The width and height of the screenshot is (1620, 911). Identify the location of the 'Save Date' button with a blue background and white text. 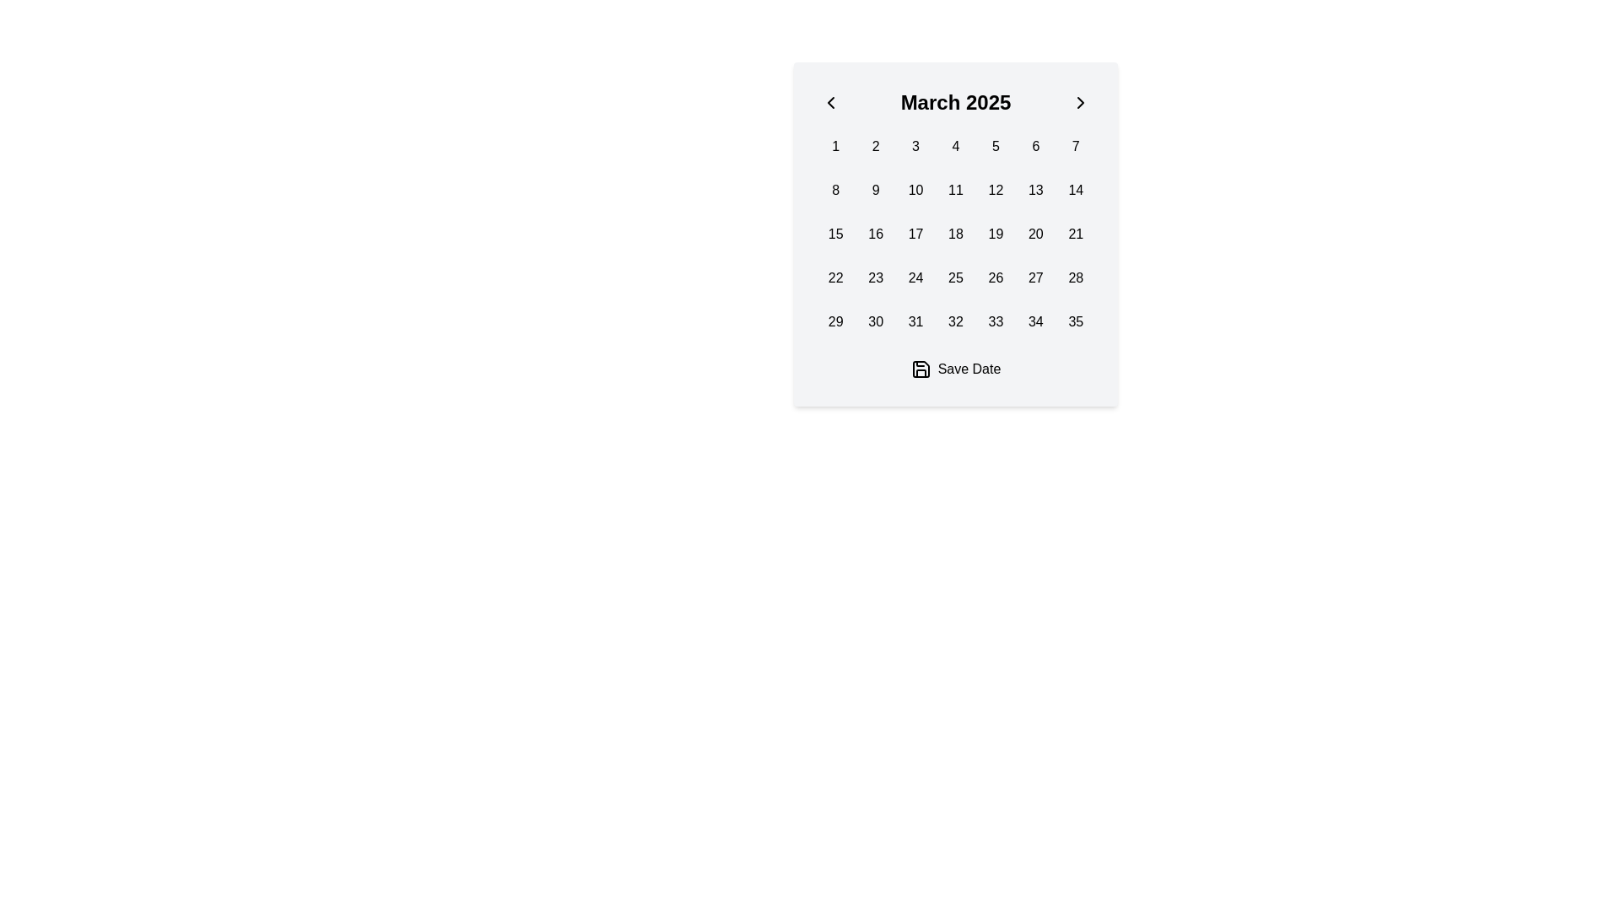
(955, 369).